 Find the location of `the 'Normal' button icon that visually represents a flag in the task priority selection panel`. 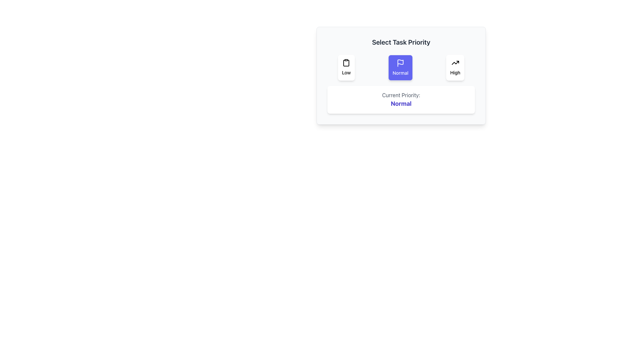

the 'Normal' button icon that visually represents a flag in the task priority selection panel is located at coordinates (400, 62).